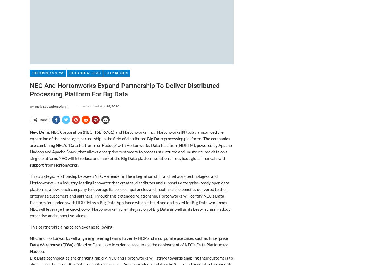 This screenshot has height=265, width=370. I want to click on 'NEC Corporation (NEC; TSE: 6701) and Hortonworks, Inc. (Hortonworks®) today announced the expansion of their strategic partnership in the field of distributed Big Data processing platforms. The companies are combining NEC’s “Data Platform for Hadoop” with Hortonworks Data Platform (HDPTM), powered by Apache Hadoop and Apache Spark, that allows enterprise customers to process structured and un-structured data on a single platform. NEC will introduce and market the Big Data platform solution throughout global markets with support from Hortonworks.', so click(29, 149).